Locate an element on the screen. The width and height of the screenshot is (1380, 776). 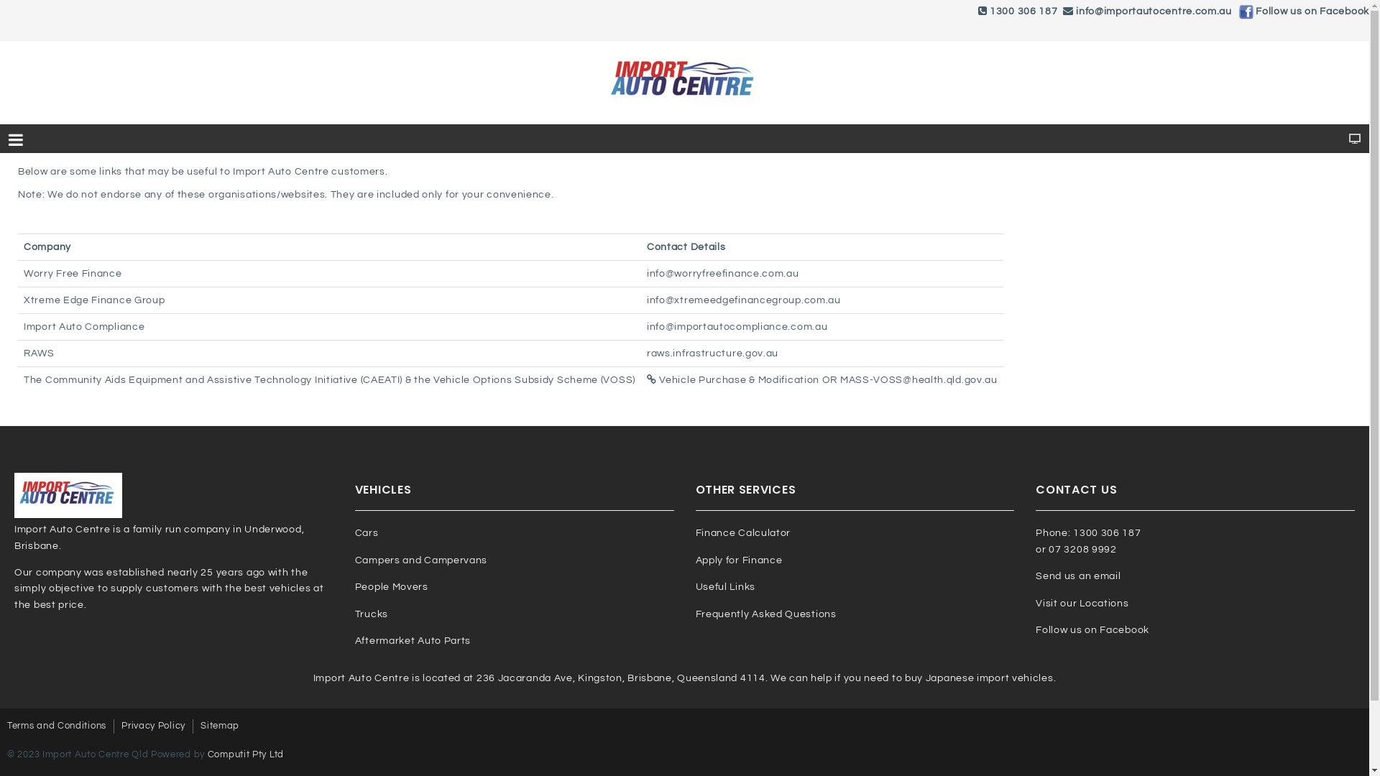
'Sitemap' is located at coordinates (219, 726).